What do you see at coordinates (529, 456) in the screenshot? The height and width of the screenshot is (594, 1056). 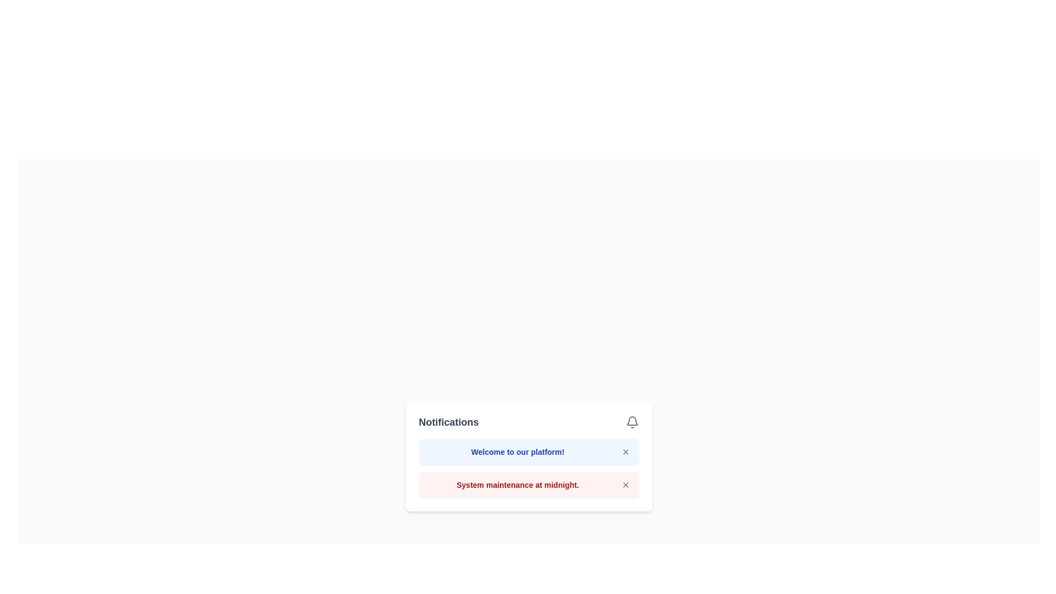 I see `message displayed in the Notification card located below the 'Notifications' header, which serves to inform the user about a welcoming message` at bounding box center [529, 456].